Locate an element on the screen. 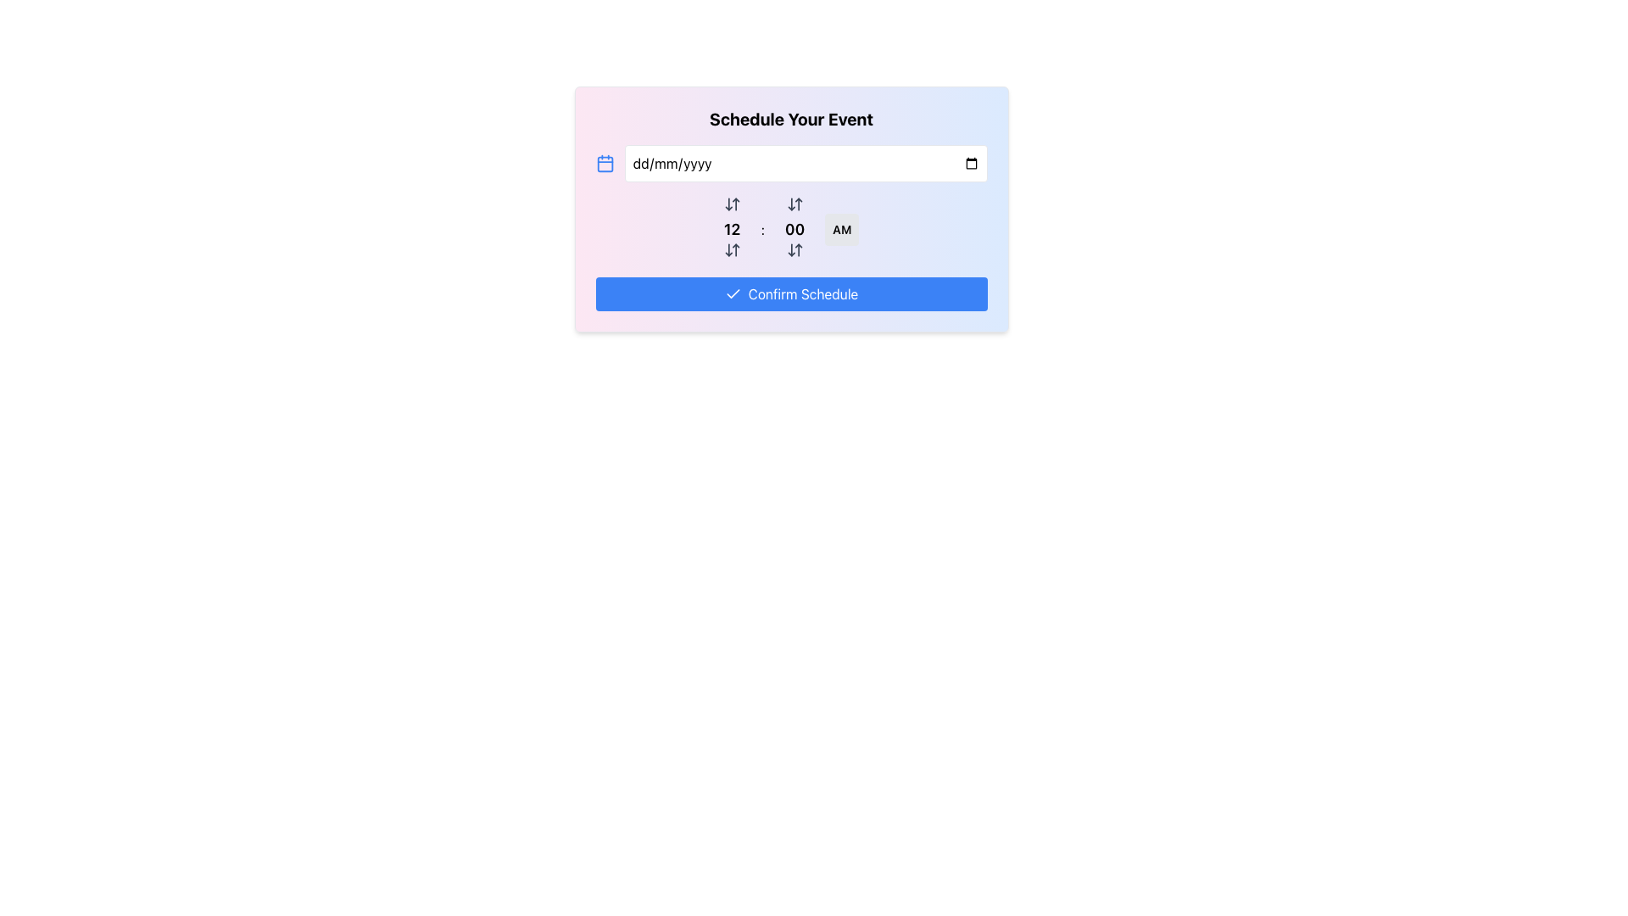 The image size is (1628, 916). the numeric display showing '12', which is aligned vertically between the incrementing and decrementing arrows in the time selection interface is located at coordinates (732, 229).